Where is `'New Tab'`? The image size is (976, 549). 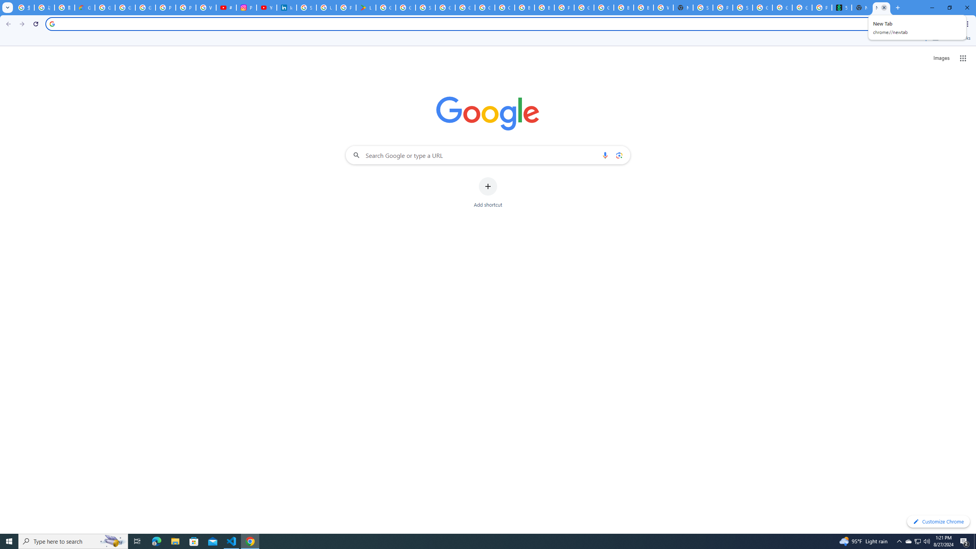 'New Tab' is located at coordinates (897, 7).